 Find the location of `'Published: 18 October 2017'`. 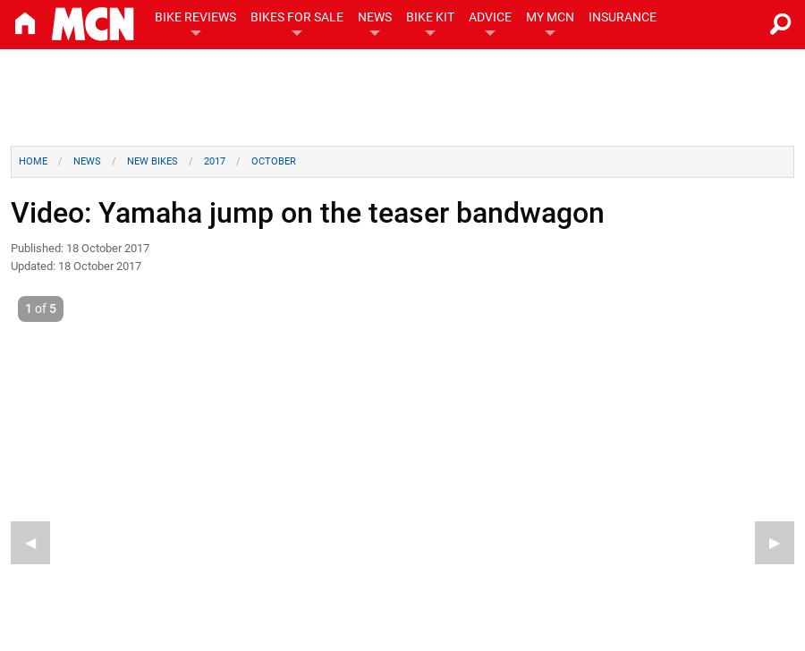

'Published: 18 October 2017' is located at coordinates (79, 248).